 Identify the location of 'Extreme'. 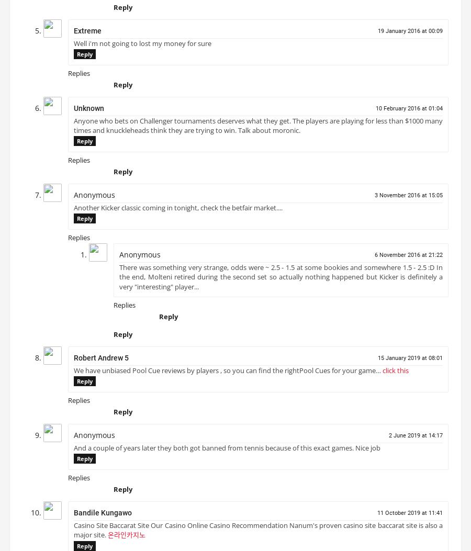
(87, 34).